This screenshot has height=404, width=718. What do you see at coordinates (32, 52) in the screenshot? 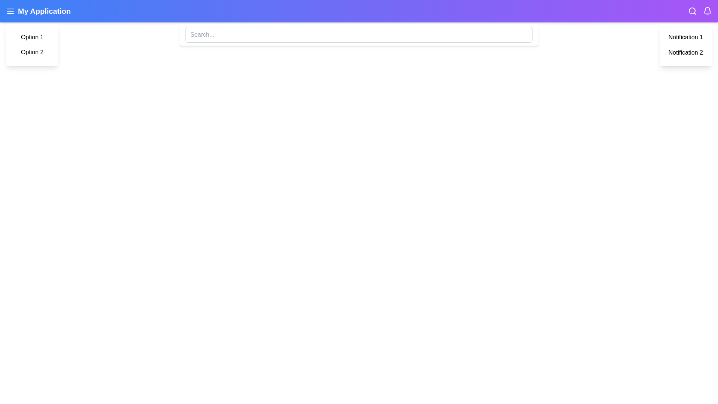
I see `the 'Option 2' button located below 'Option 1' in the vertical stack within the 'My Application' header` at bounding box center [32, 52].